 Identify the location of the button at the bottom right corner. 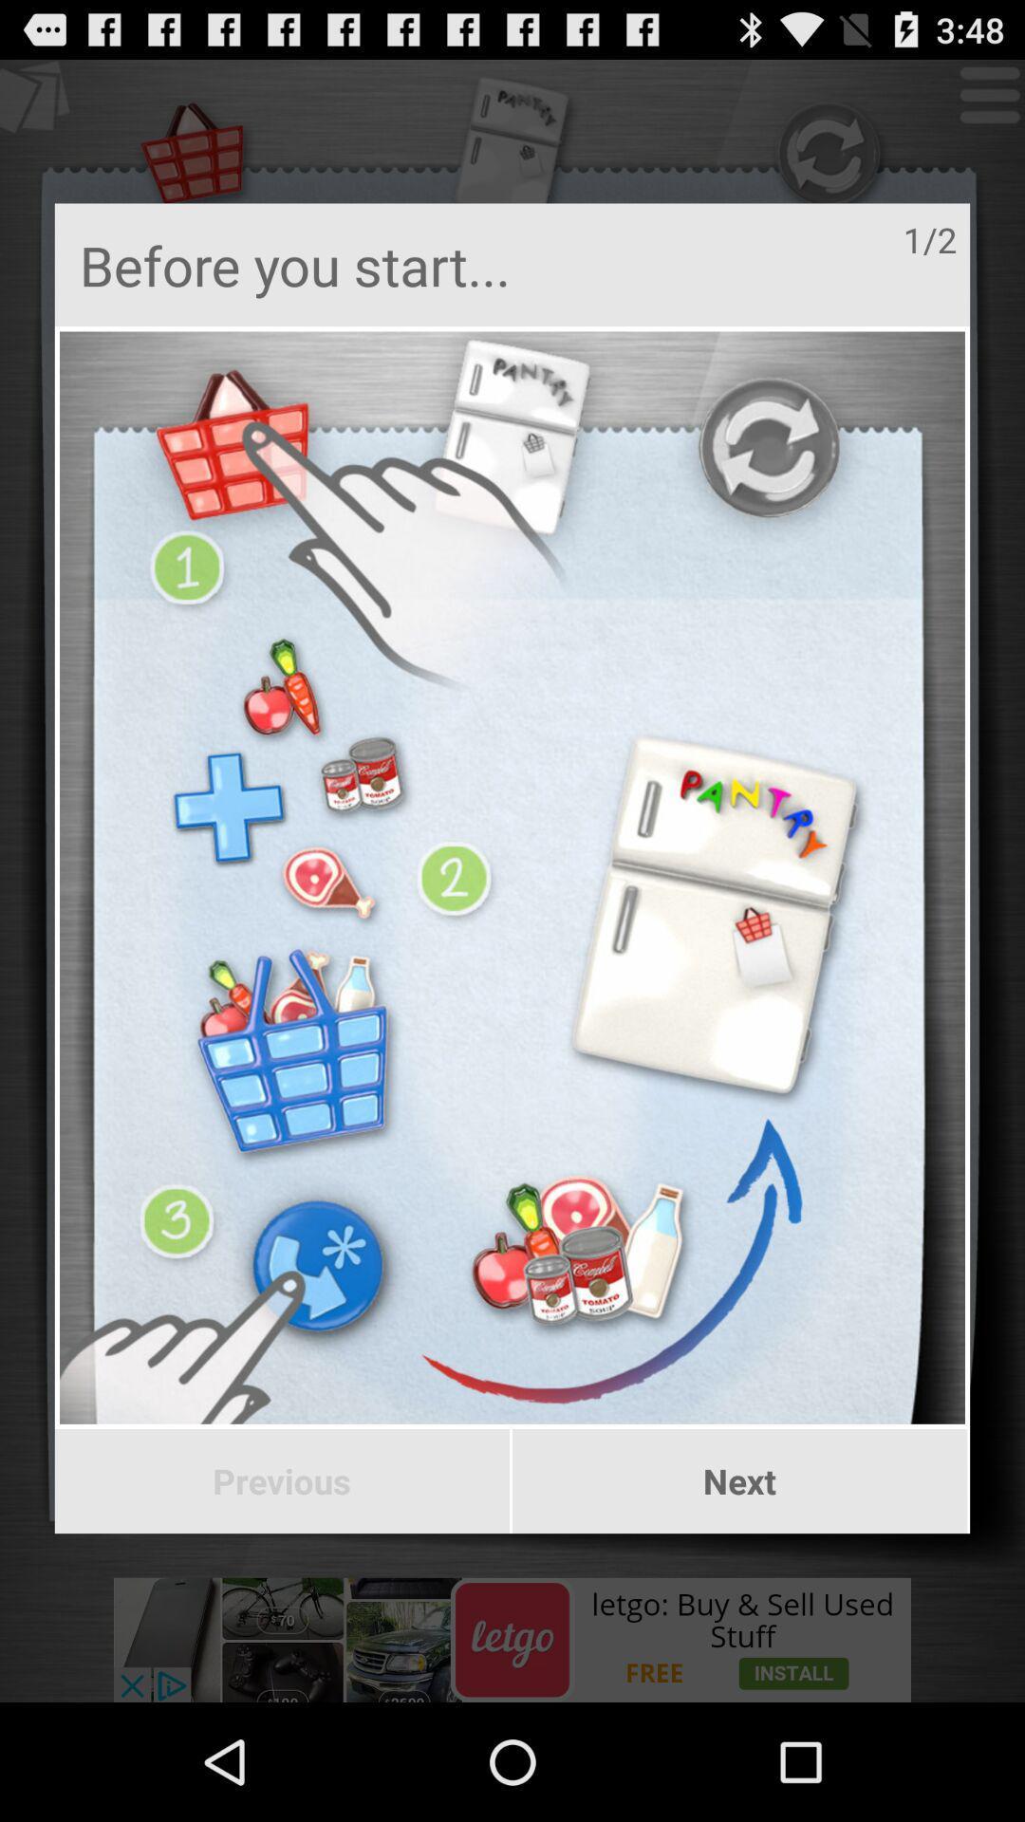
(738, 1480).